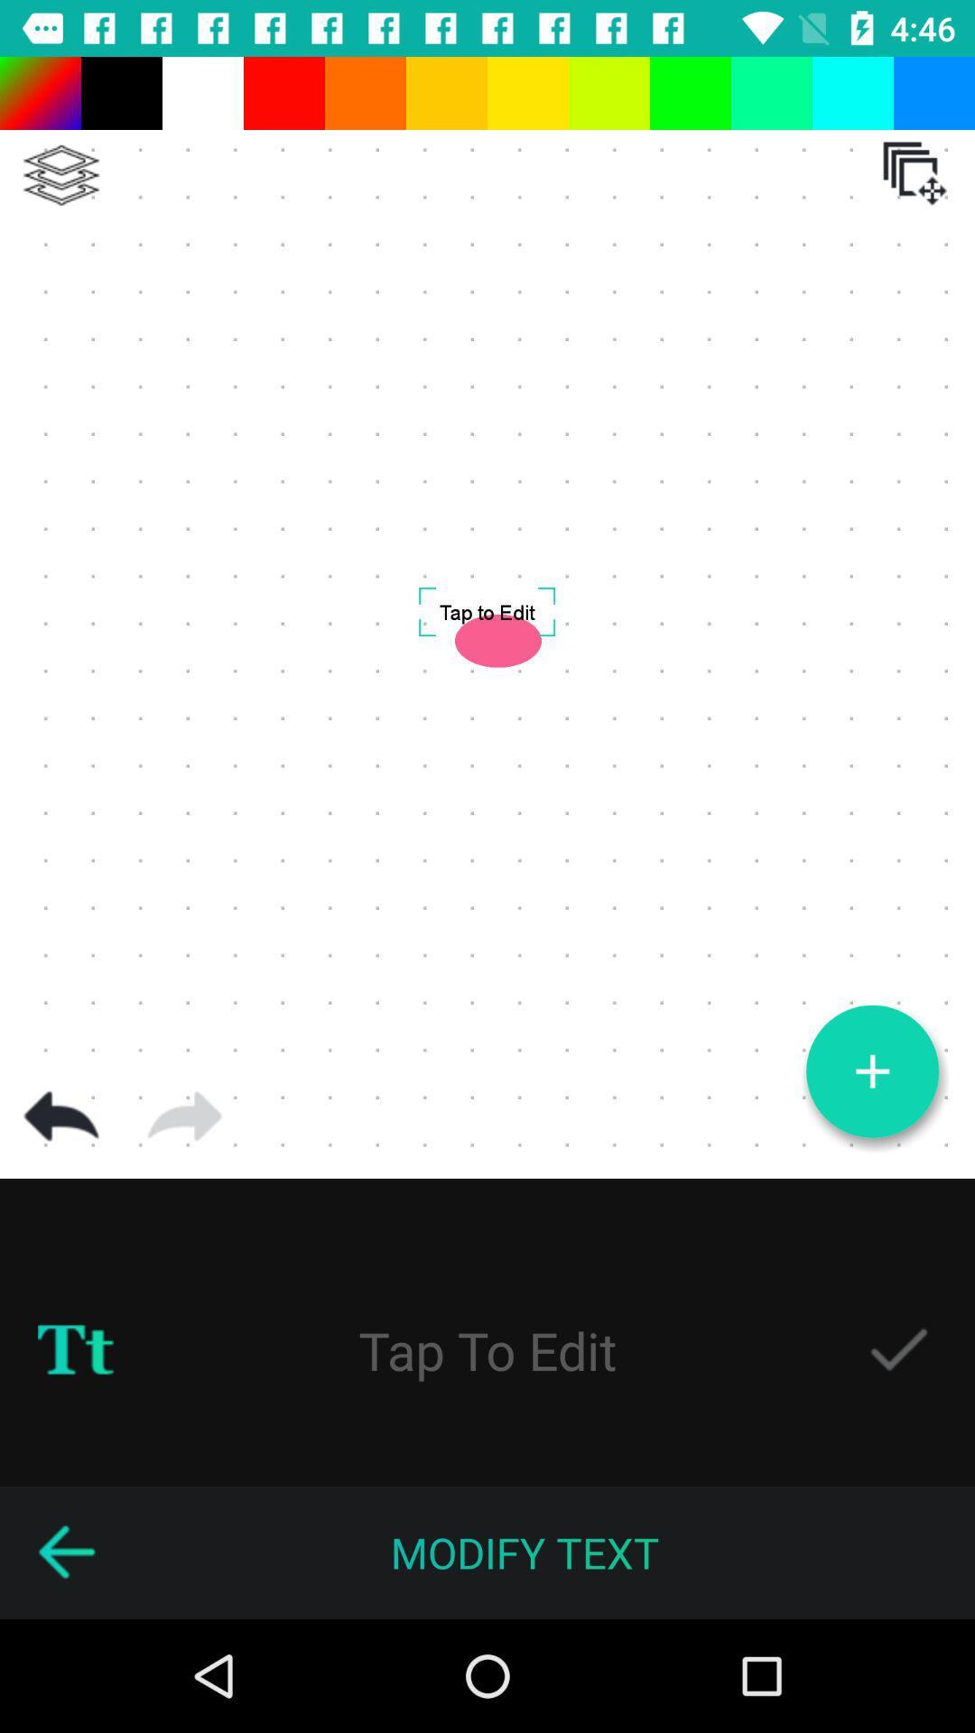 The height and width of the screenshot is (1733, 975). What do you see at coordinates (65, 1552) in the screenshot?
I see `back arrow left to modify text` at bounding box center [65, 1552].